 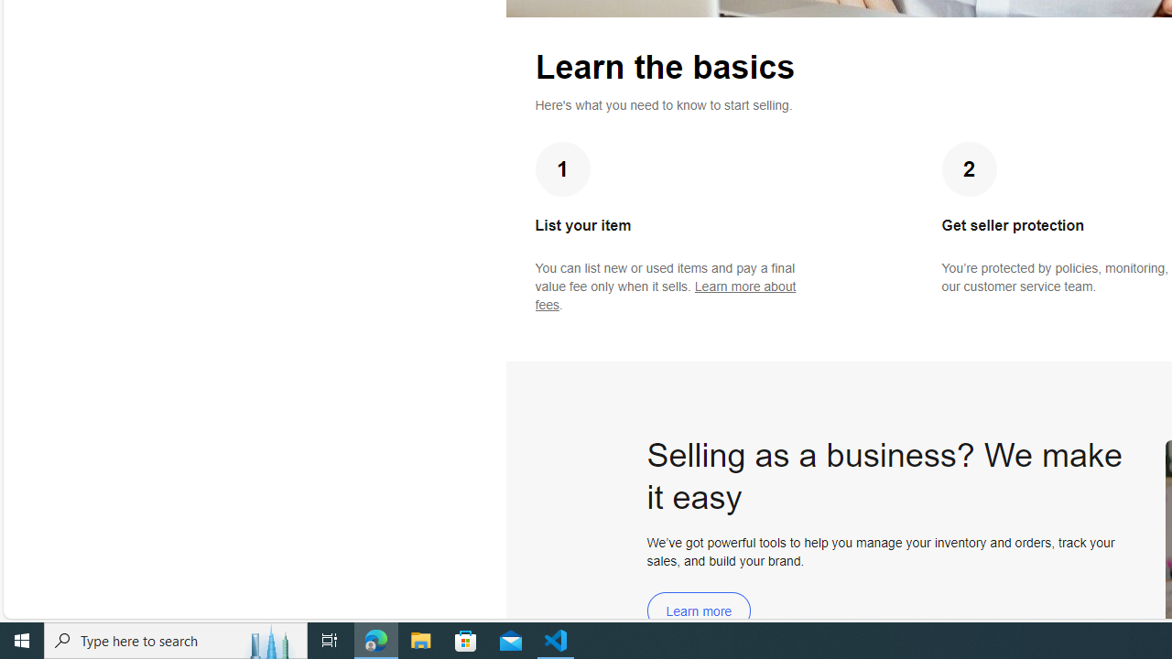 I want to click on 'Learn more', so click(x=698, y=610).